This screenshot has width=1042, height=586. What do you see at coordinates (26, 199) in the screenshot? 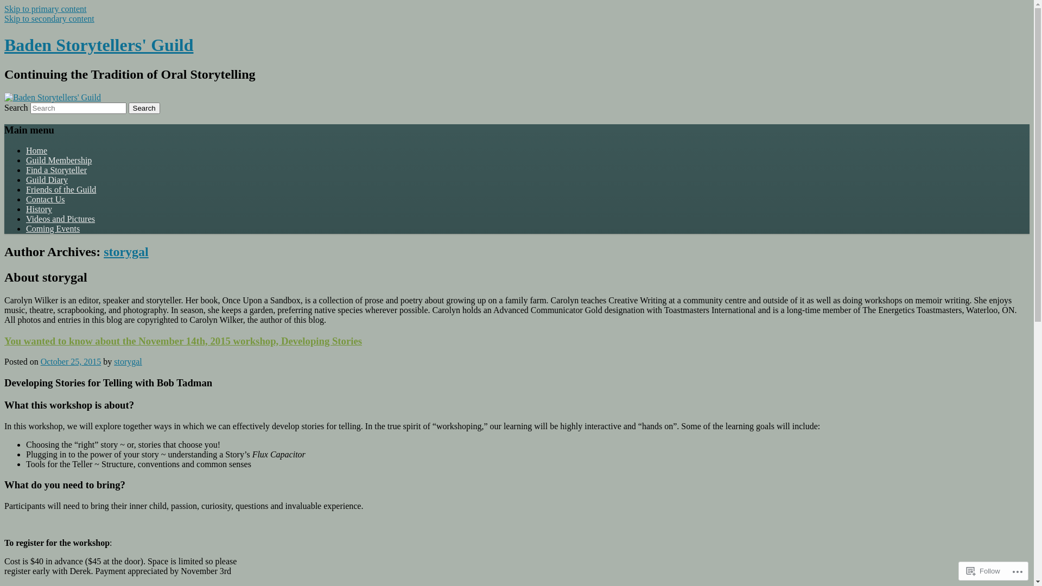
I see `'Contact Us'` at bounding box center [26, 199].